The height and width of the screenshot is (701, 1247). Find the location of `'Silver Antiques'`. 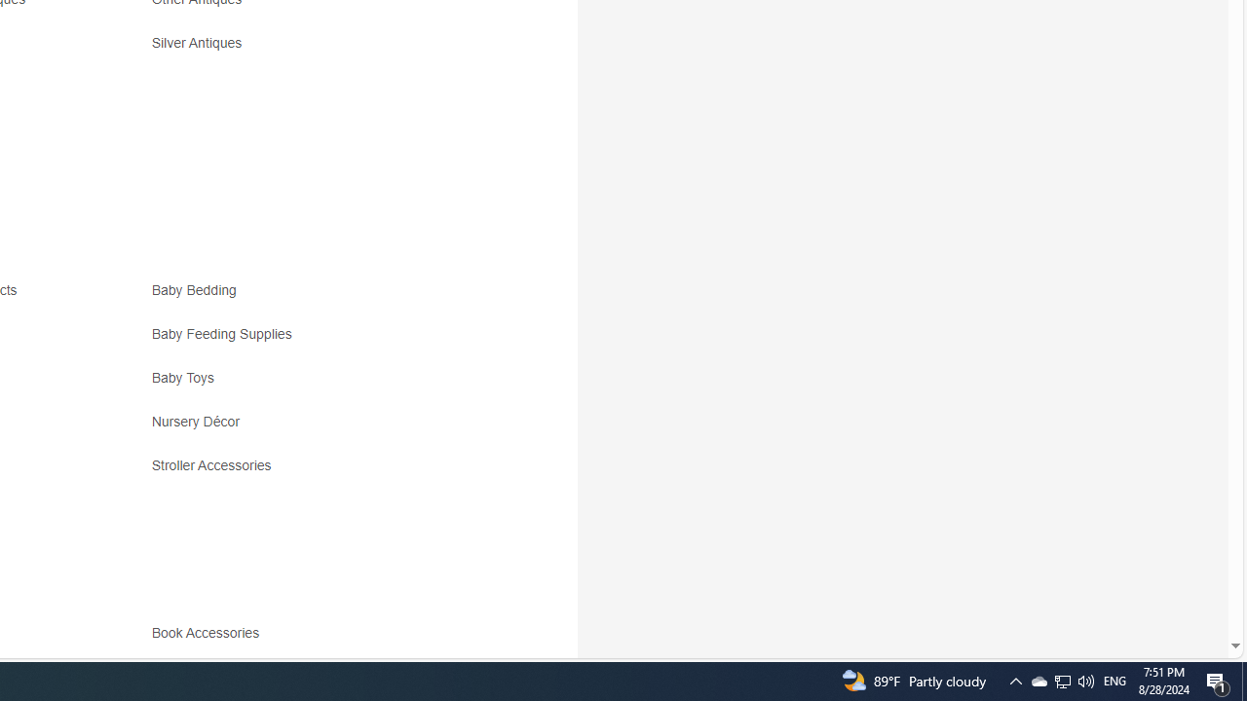

'Silver Antiques' is located at coordinates (323, 49).